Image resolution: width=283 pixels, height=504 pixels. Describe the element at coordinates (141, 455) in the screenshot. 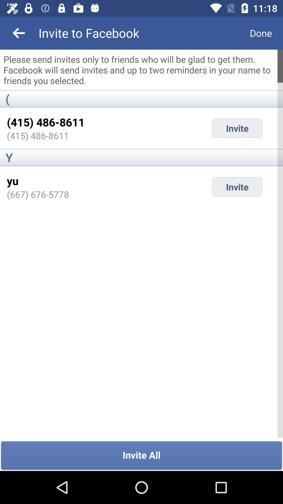

I see `invite all item` at that location.